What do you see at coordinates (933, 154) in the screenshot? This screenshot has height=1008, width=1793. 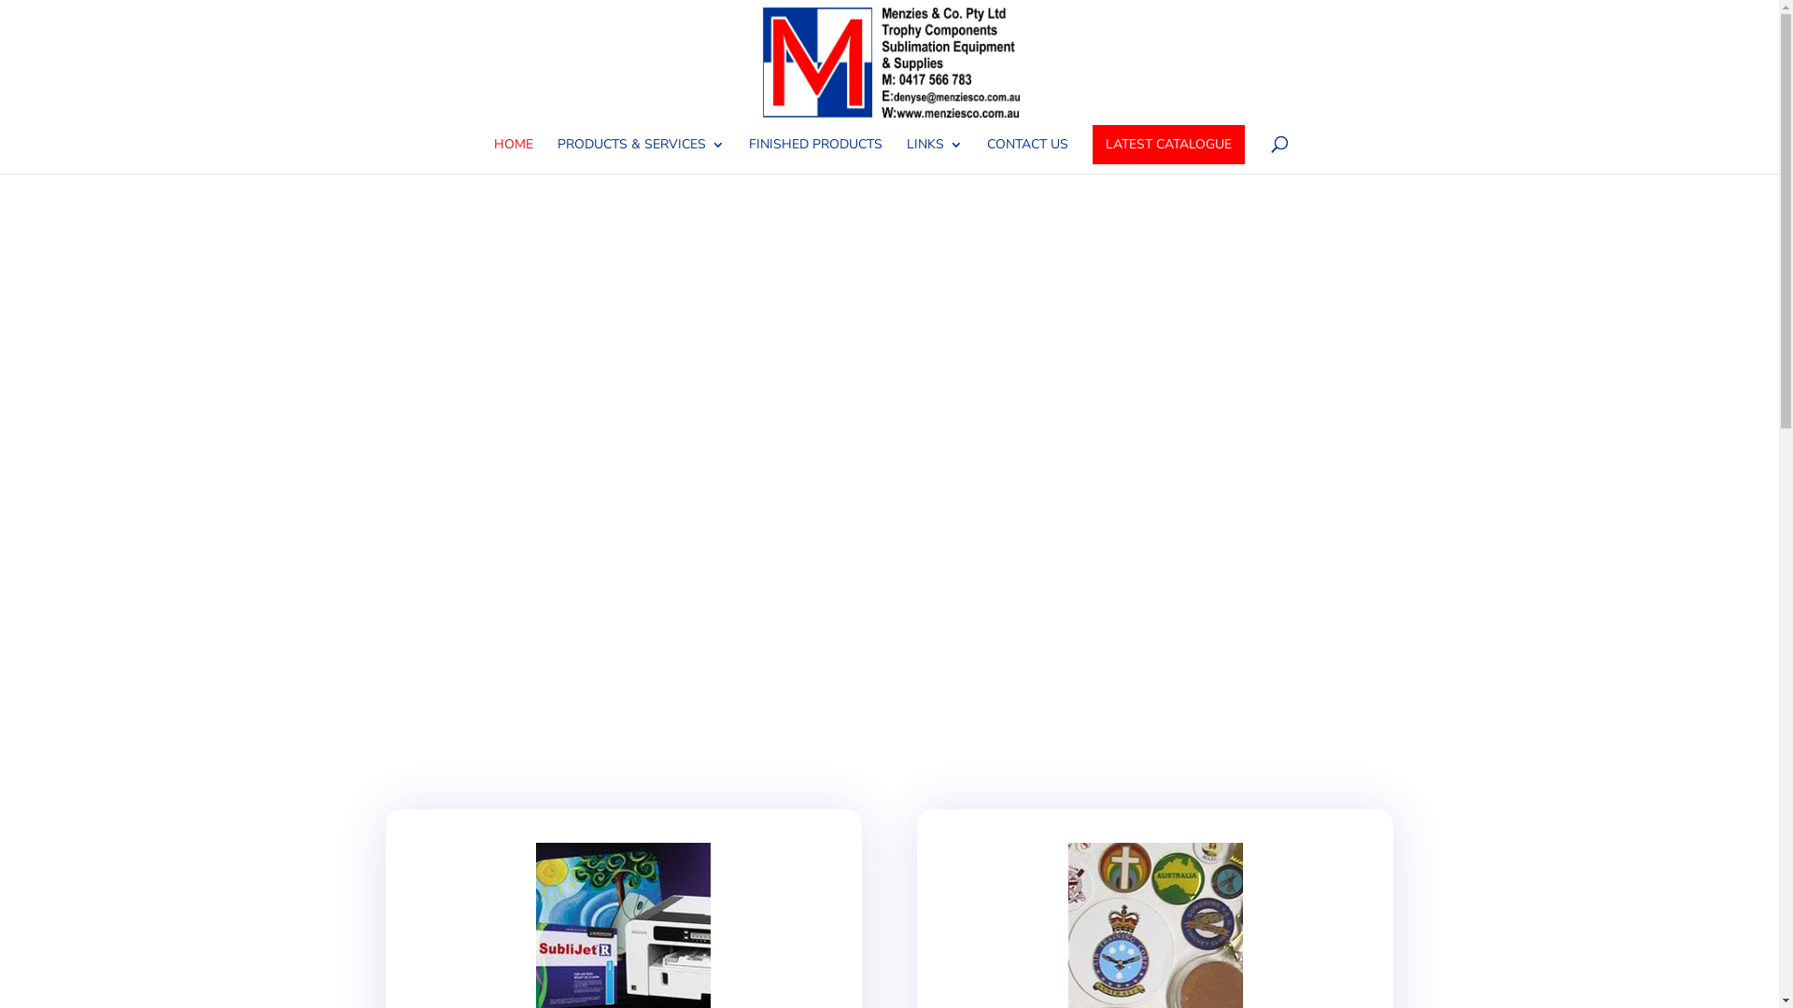 I see `'LINKS'` at bounding box center [933, 154].